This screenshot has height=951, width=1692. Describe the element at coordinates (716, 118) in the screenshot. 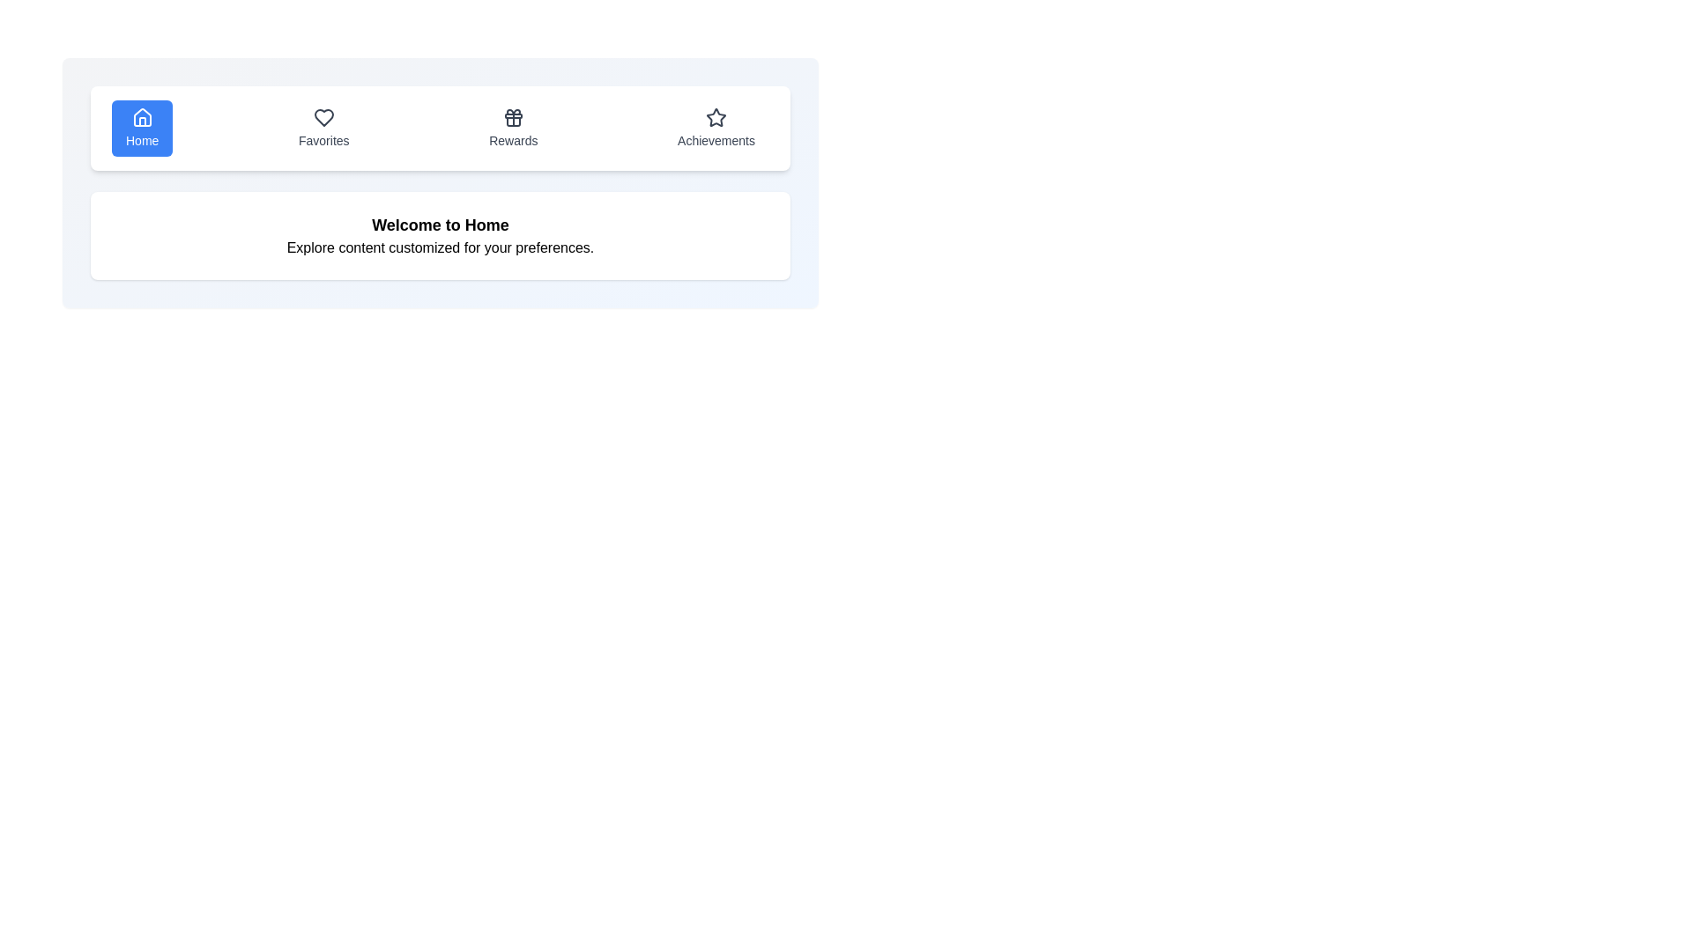

I see `the 'Achievements' icon located on the far right of the horizontal navigation bar` at that location.